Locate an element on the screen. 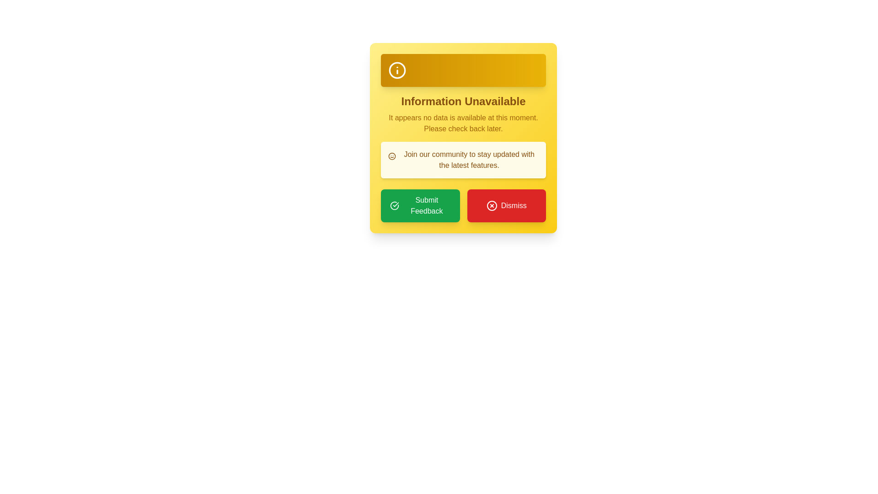  the circular icon with a green background and white checkmark, which is part of the 'Submit Feedback' button located in the bottom left corner of a dialog box is located at coordinates (395, 206).